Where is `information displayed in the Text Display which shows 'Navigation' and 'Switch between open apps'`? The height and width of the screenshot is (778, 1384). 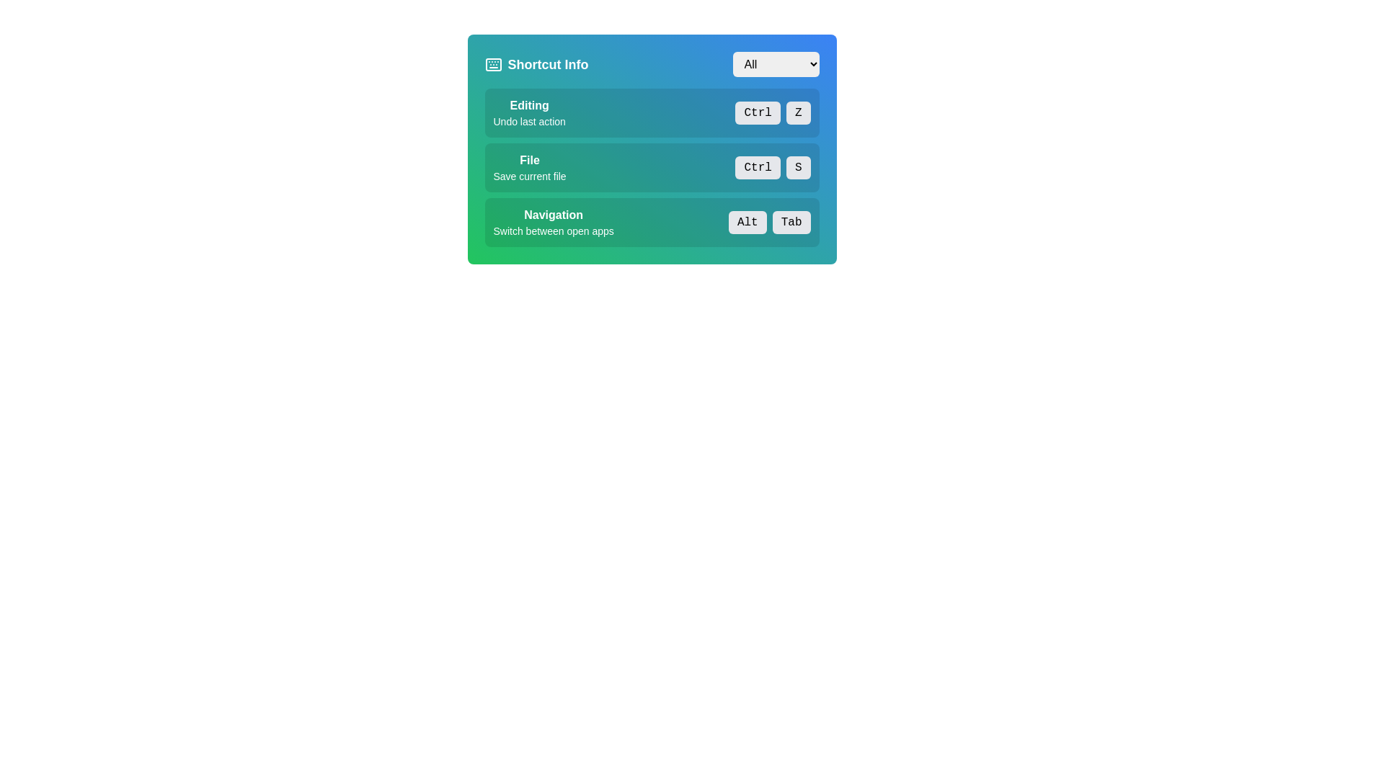 information displayed in the Text Display which shows 'Navigation' and 'Switch between open apps' is located at coordinates (553, 222).